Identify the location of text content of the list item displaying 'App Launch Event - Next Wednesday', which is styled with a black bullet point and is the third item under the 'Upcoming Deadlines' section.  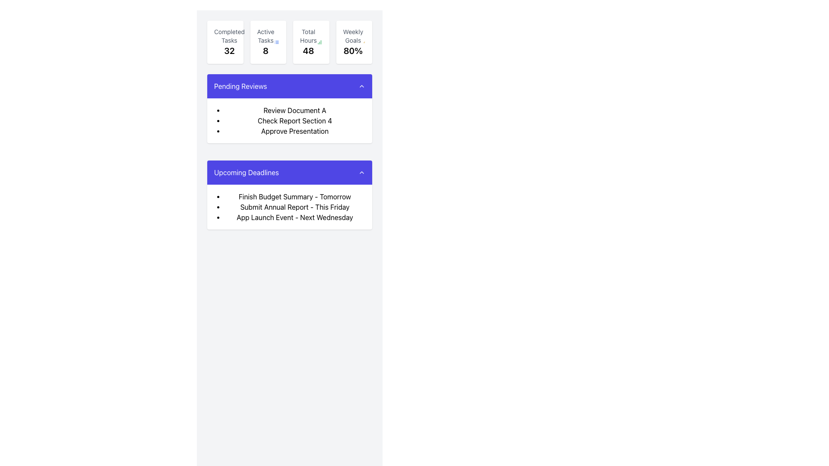
(294, 217).